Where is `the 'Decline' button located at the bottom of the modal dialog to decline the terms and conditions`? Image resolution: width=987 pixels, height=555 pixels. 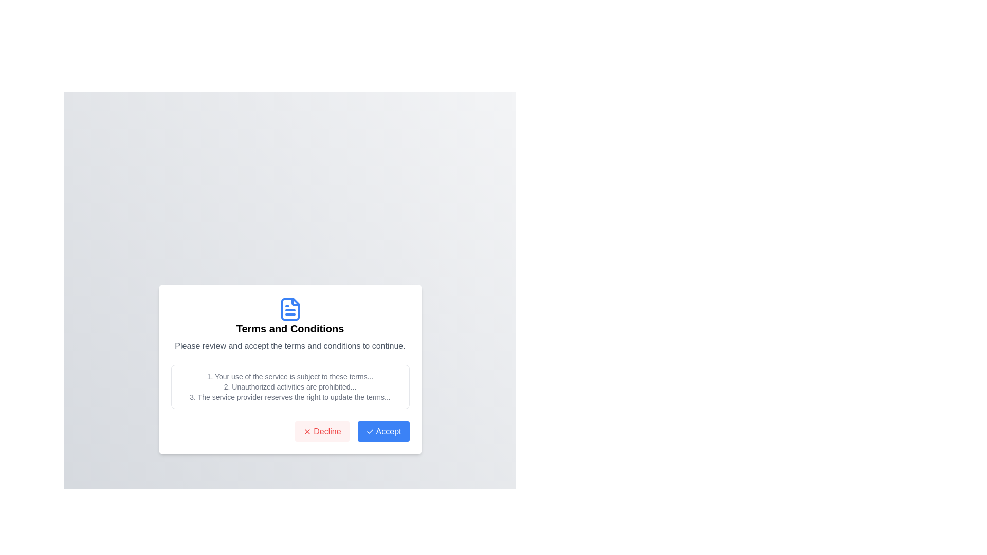 the 'Decline' button located at the bottom of the modal dialog to decline the terms and conditions is located at coordinates (321, 432).